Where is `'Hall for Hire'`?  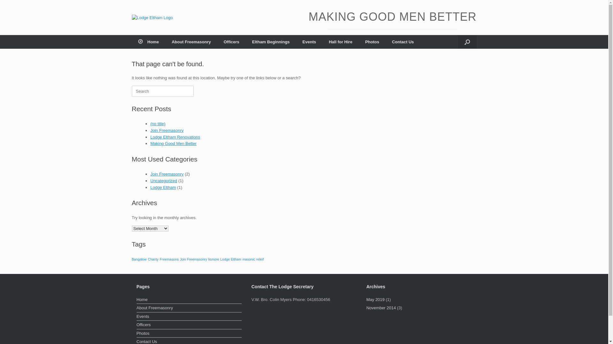
'Hall for Hire' is located at coordinates (340, 42).